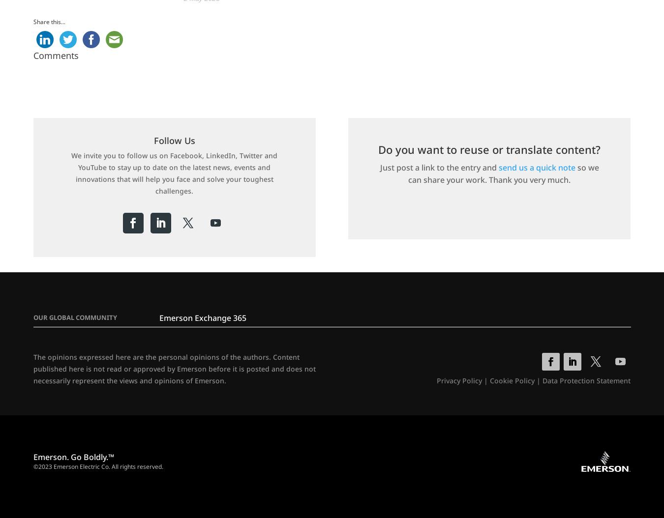  I want to click on 'so we can share your work. Thank you very much.', so click(503, 173).